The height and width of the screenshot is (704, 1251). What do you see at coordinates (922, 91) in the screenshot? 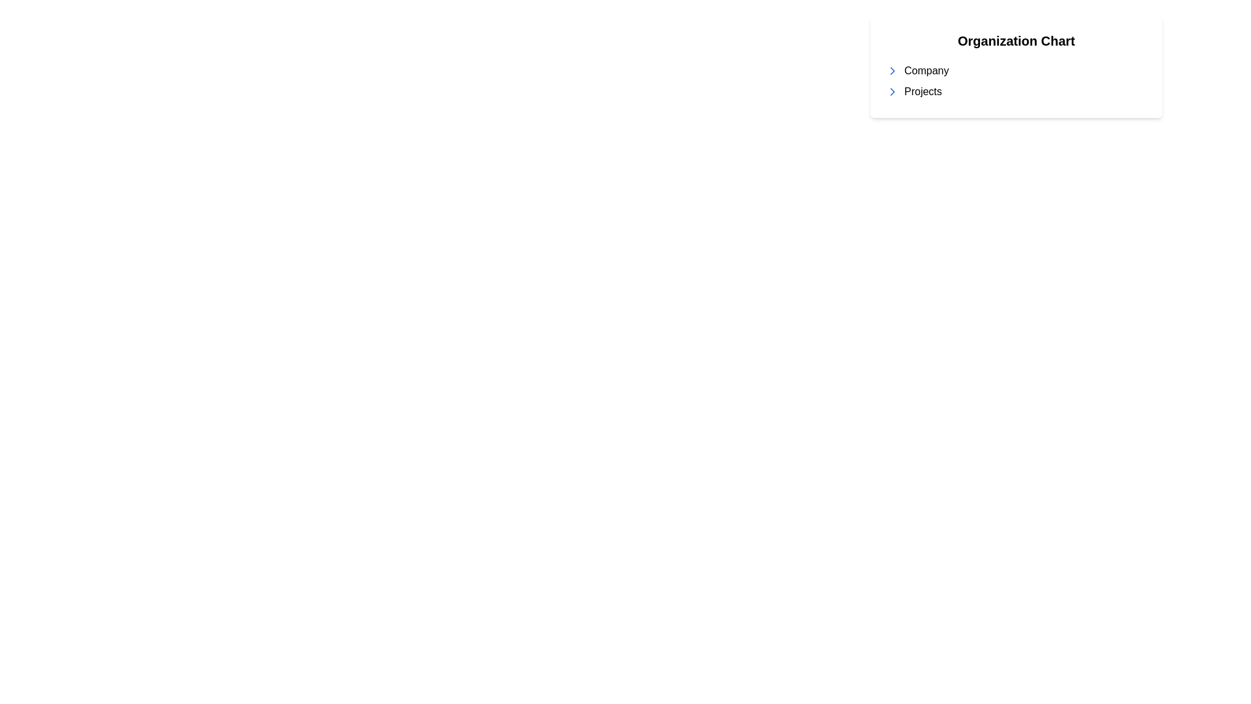
I see `the 'Projects' label` at bounding box center [922, 91].